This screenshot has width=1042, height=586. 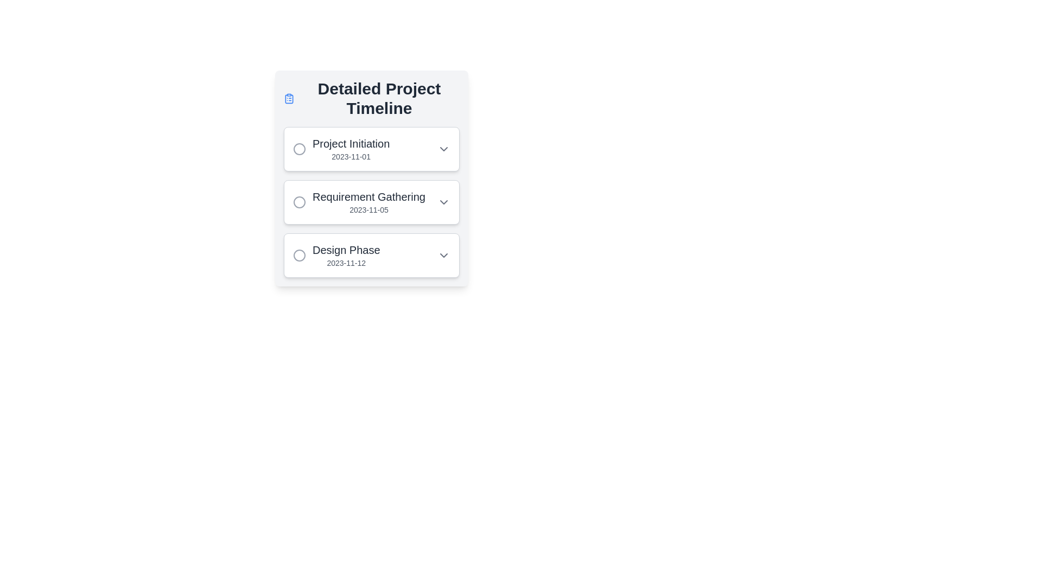 I want to click on the 'Project Initiation' text display with icon, which includes the title in bold and the date below it, located in the 'Detailed Project Timeline' card, so click(x=341, y=149).